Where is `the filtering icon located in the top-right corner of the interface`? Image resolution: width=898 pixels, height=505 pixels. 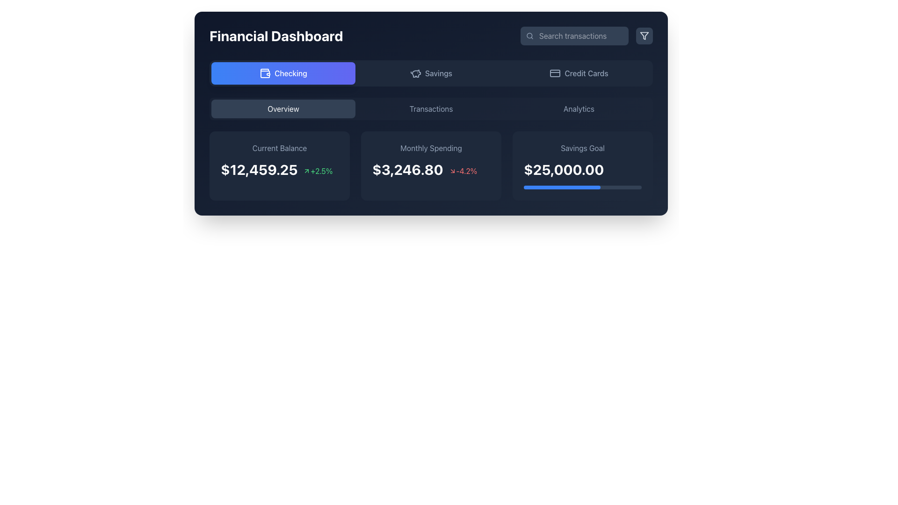
the filtering icon located in the top-right corner of the interface is located at coordinates (644, 36).